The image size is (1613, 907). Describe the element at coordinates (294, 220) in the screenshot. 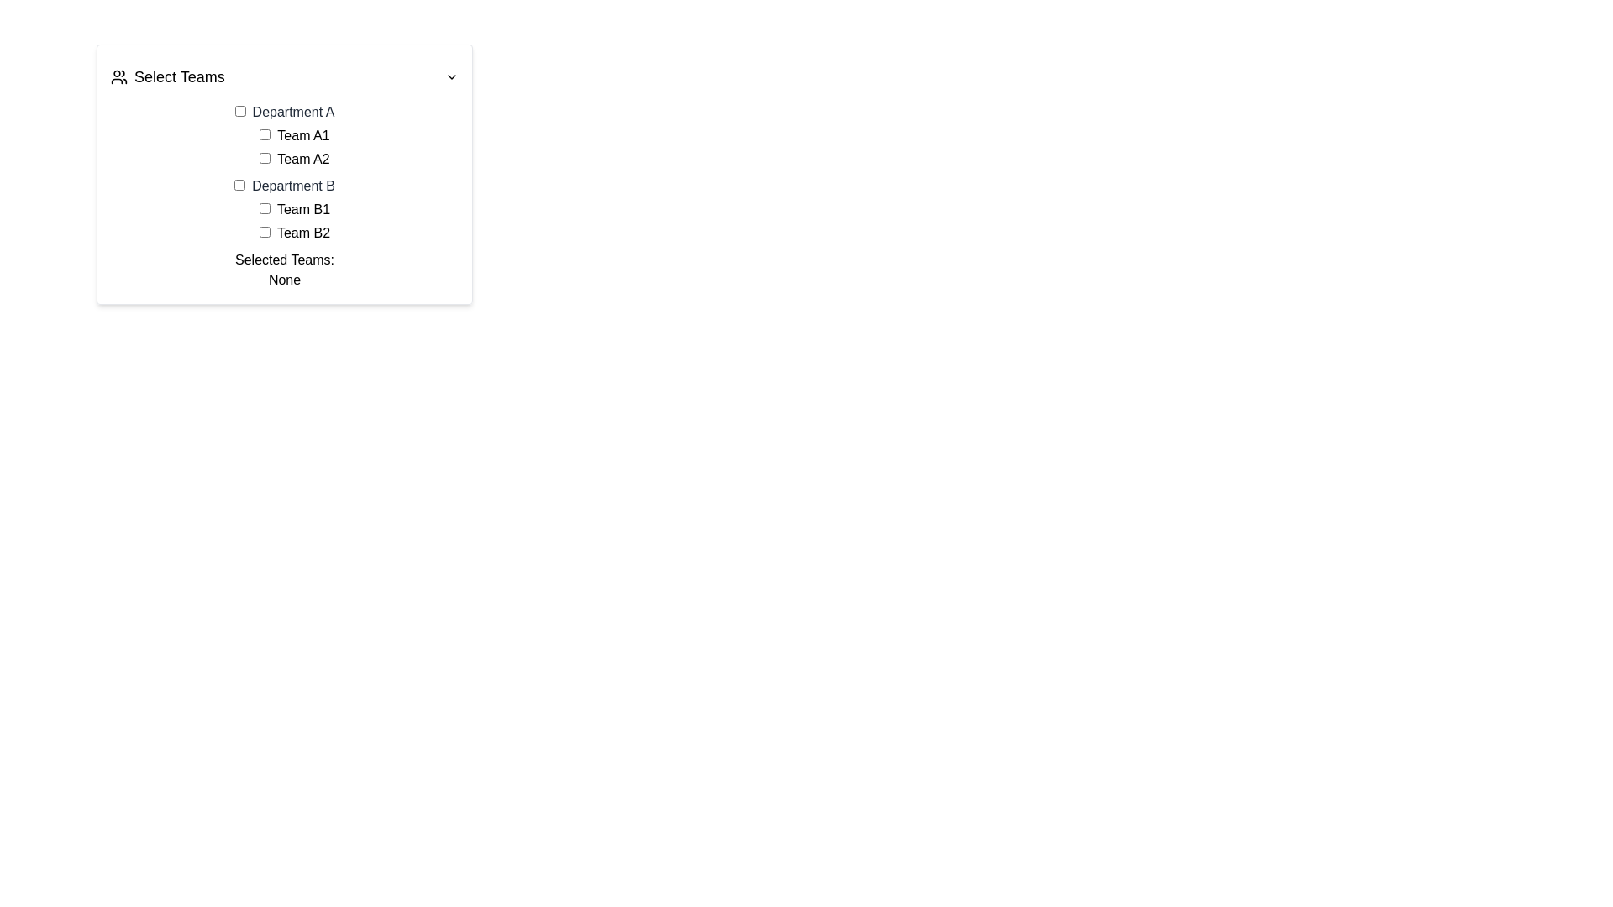

I see `the checkbox for 'Team B1' within the 'Department B' dropdown` at that location.